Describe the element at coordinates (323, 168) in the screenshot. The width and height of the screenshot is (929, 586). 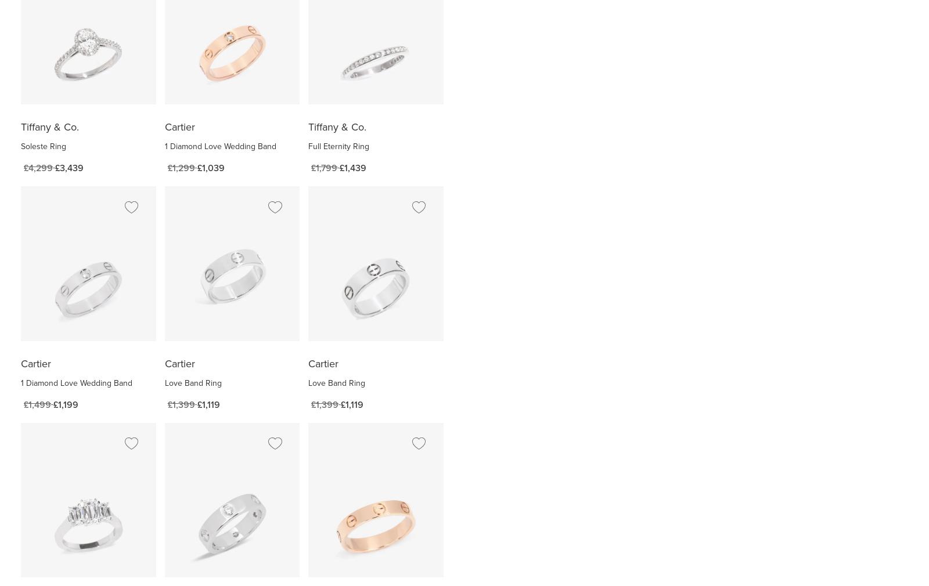
I see `'£1,799'` at that location.